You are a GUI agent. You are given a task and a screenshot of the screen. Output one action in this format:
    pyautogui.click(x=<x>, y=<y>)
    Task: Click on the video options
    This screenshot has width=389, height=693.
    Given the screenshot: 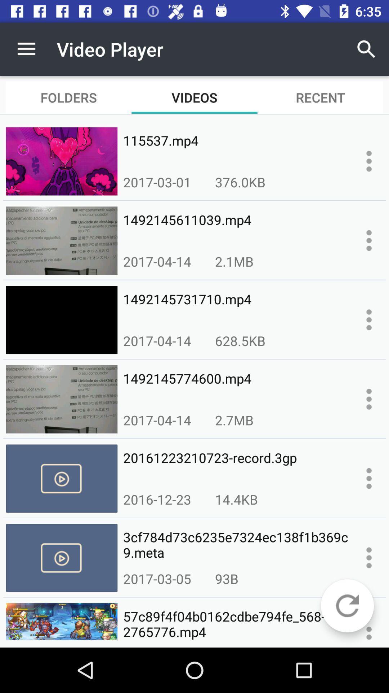 What is the action you would take?
    pyautogui.click(x=369, y=557)
    